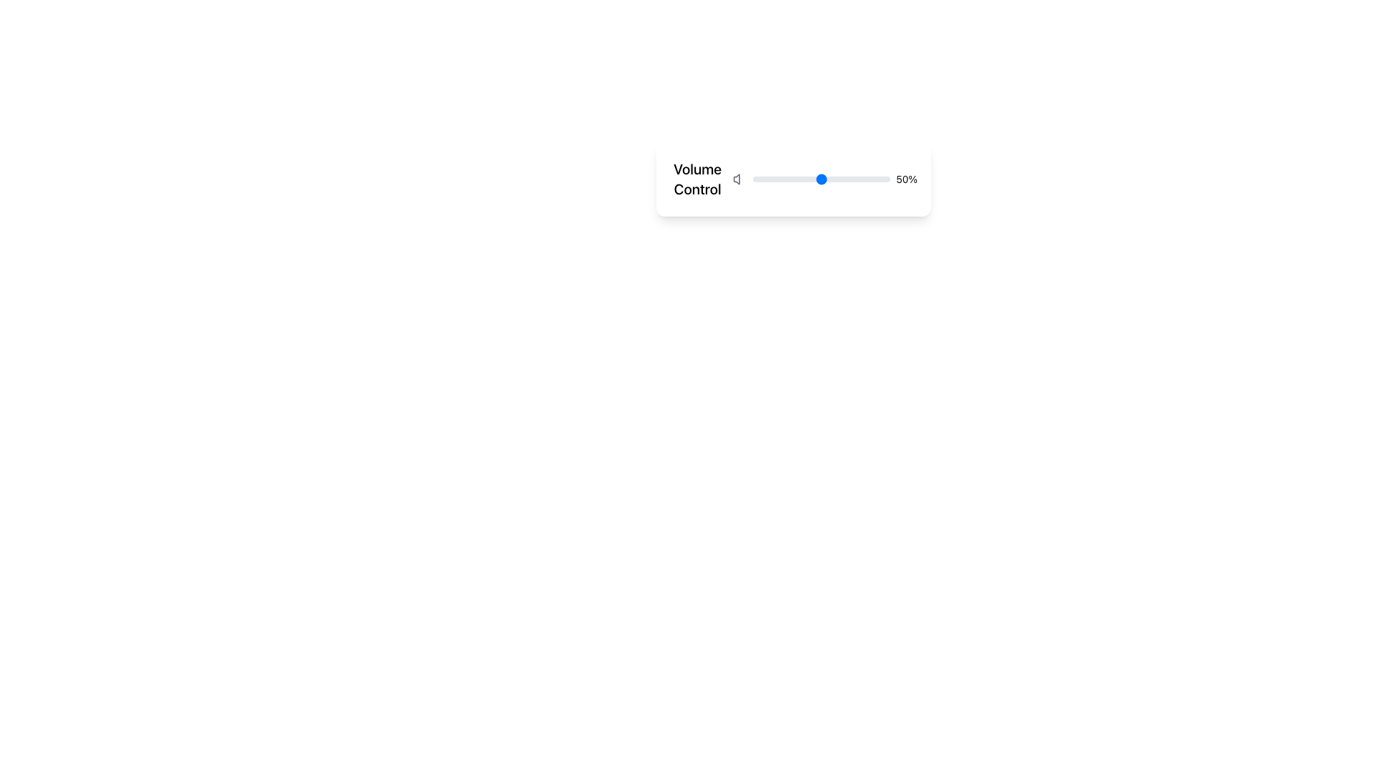  I want to click on the slider, so click(888, 178).